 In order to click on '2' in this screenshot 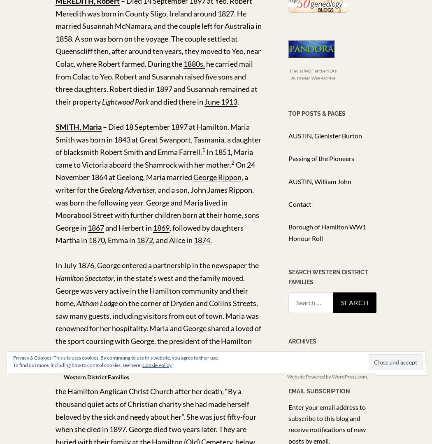, I will do `click(231, 162)`.